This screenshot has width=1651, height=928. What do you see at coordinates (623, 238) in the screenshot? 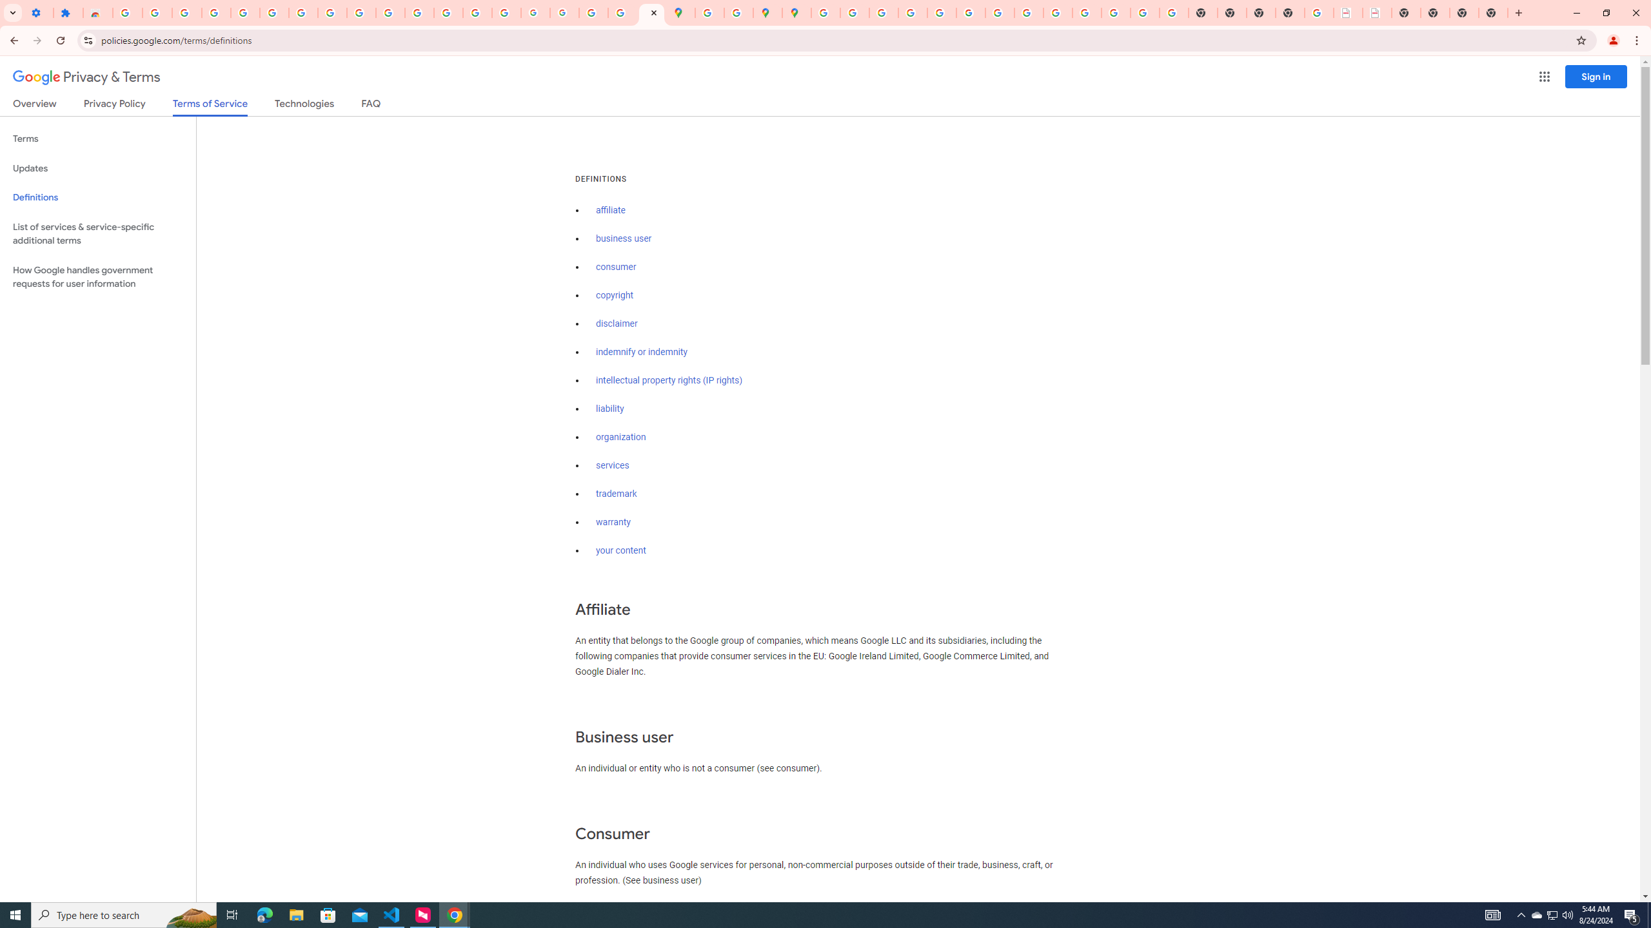
I see `'business user'` at bounding box center [623, 238].